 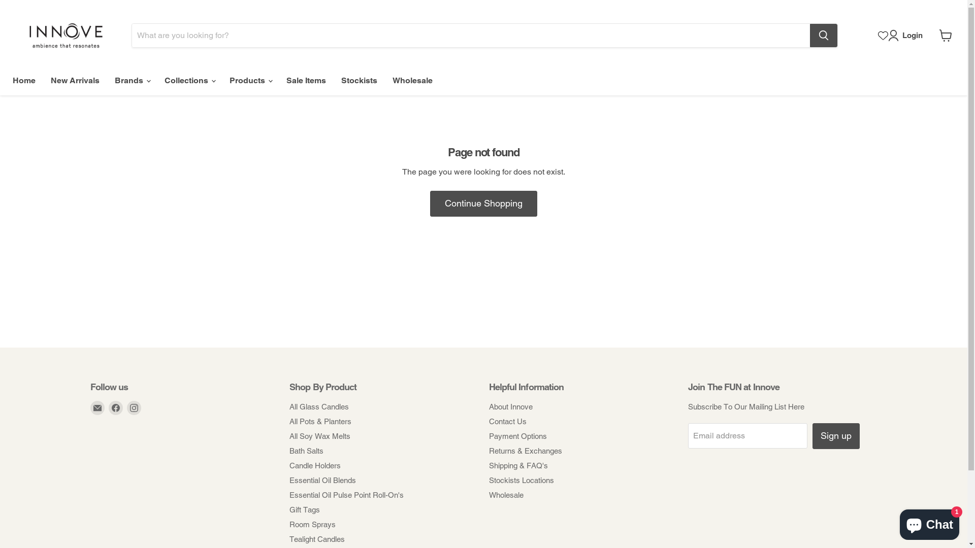 I want to click on 'Shipping & FAQ's', so click(x=517, y=465).